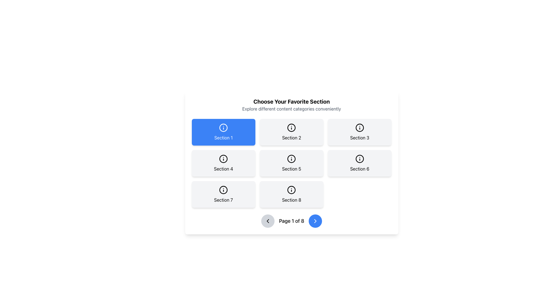 Image resolution: width=533 pixels, height=300 pixels. What do you see at coordinates (359, 127) in the screenshot?
I see `the SVG Circle Element representing an 'info' icon, which has a black border and is located in Section 3 of the grid` at bounding box center [359, 127].